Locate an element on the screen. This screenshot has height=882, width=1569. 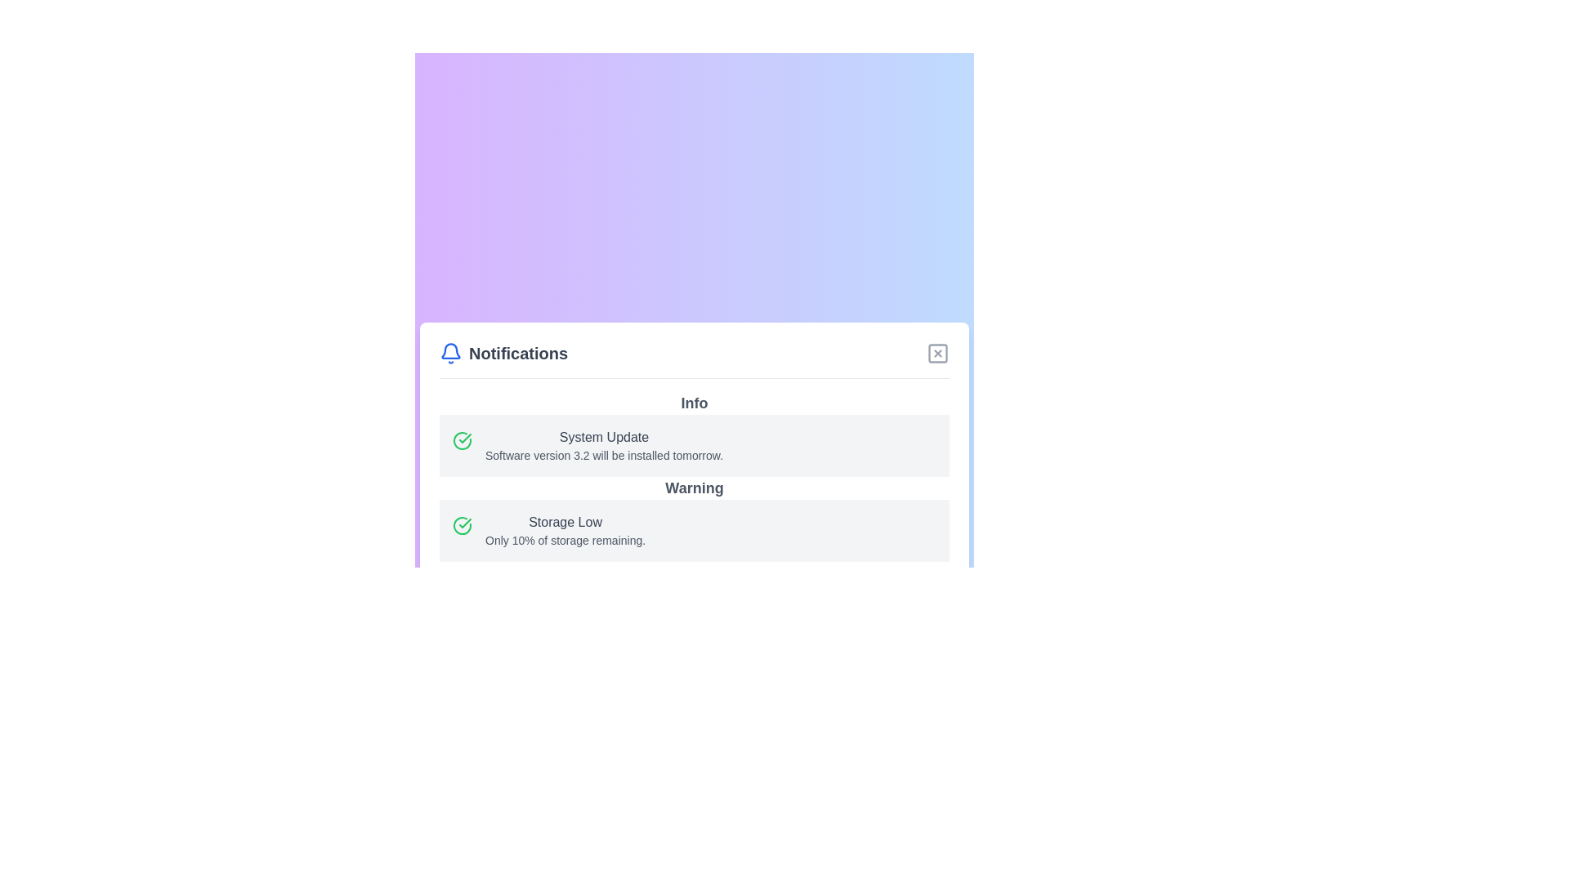
displayed information from the text label that states 'Only 10% of storage remaining.' which is located under the bold heading 'Storage Low.' in the notification panel of the 'Warning' section is located at coordinates (565, 540).